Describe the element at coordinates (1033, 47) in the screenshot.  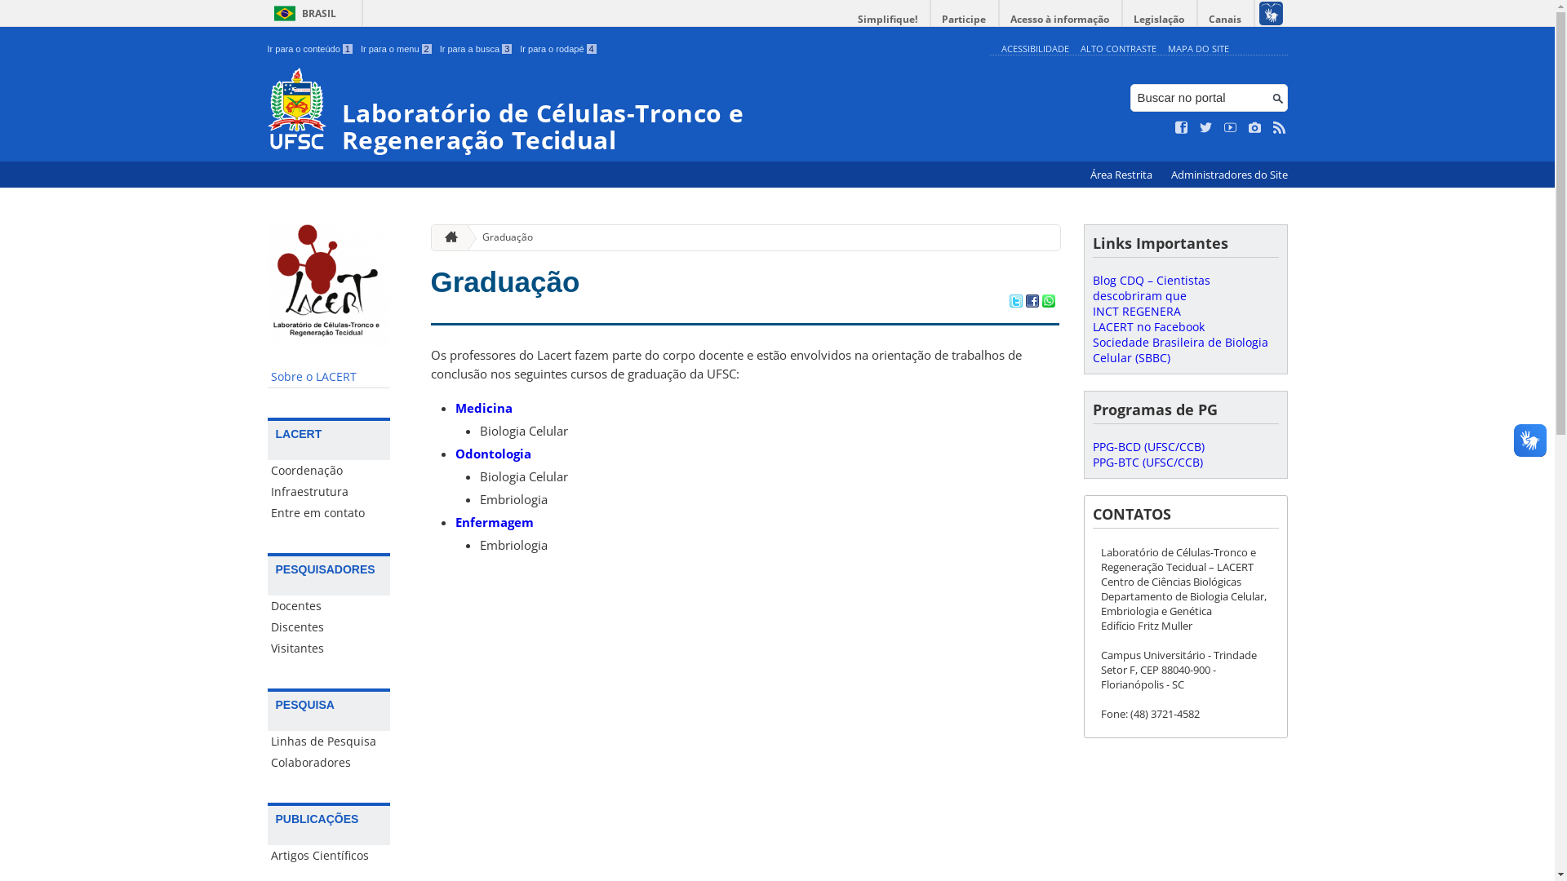
I see `'ACESSIBILIDADE'` at that location.